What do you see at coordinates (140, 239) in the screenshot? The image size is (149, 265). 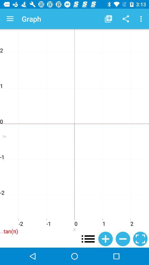 I see `the fullscreen icon` at bounding box center [140, 239].